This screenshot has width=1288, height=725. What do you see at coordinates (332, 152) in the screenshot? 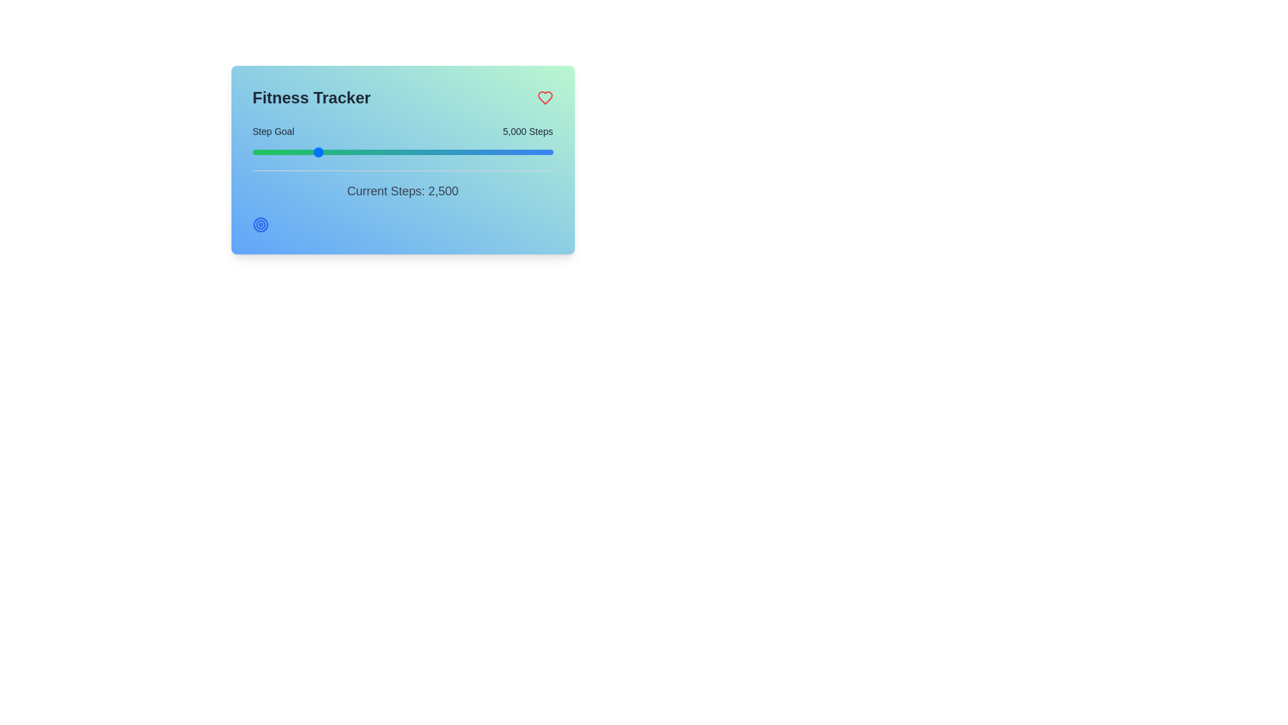
I see `the step goal slider to set the step goal to 6032` at bounding box center [332, 152].